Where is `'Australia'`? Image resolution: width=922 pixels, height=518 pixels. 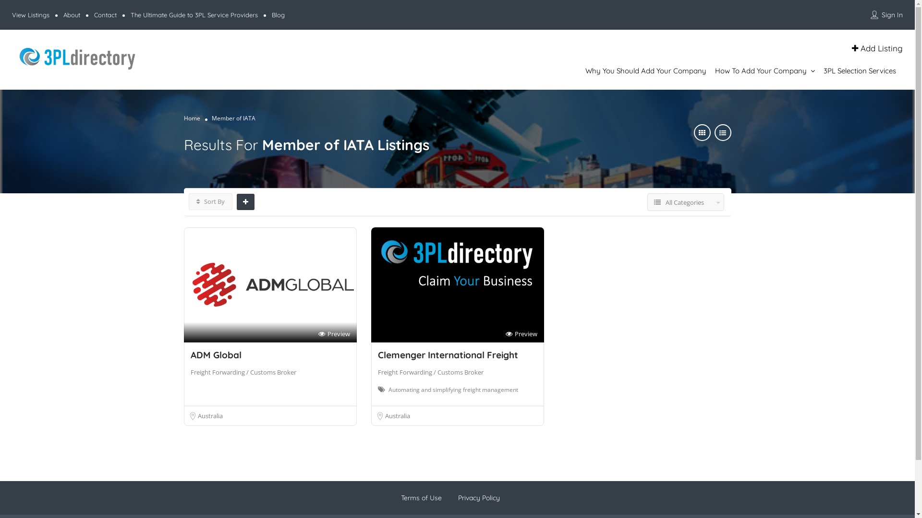
'Australia' is located at coordinates (209, 415).